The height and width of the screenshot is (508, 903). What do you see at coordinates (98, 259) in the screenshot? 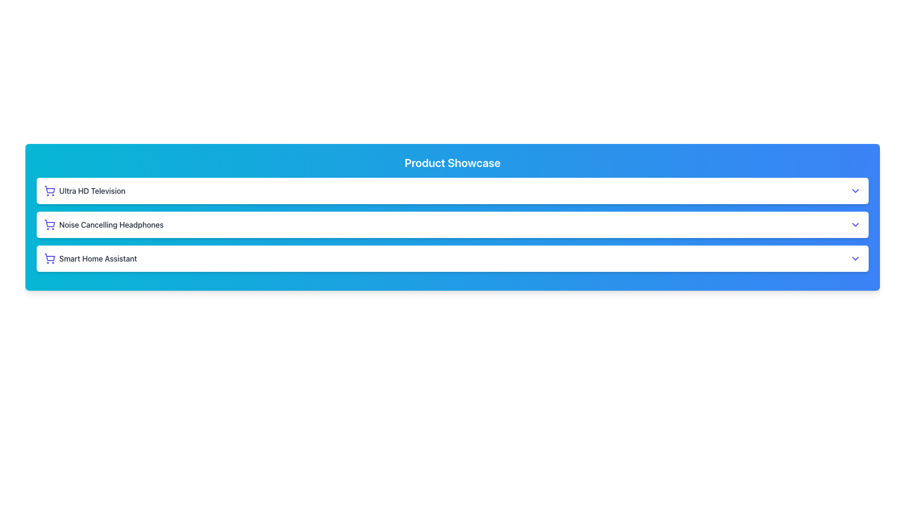
I see `the 'Smart Home Assistant' text label, which is positioned in the third row of a vertically stacked list of items, following the 'Noise Cancelling Headphones' text` at bounding box center [98, 259].